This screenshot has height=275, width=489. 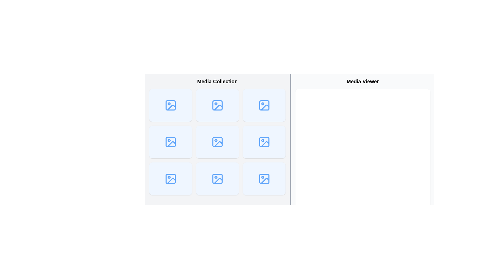 What do you see at coordinates (217, 142) in the screenshot?
I see `the Icon or Image Placeholder` at bounding box center [217, 142].